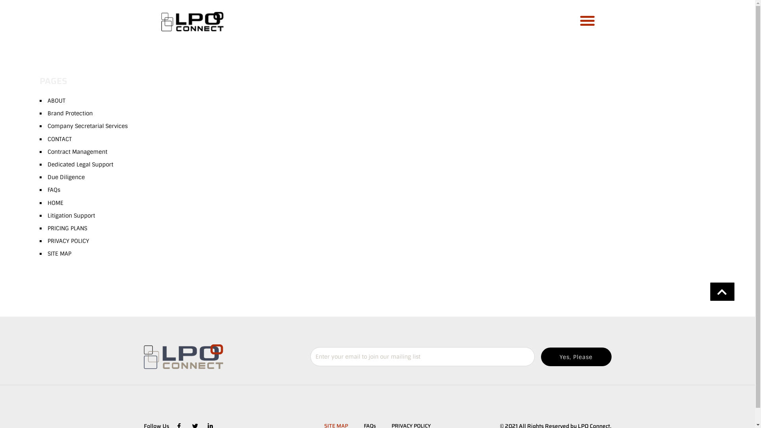 The image size is (761, 428). Describe the element at coordinates (47, 202) in the screenshot. I see `'HOME'` at that location.